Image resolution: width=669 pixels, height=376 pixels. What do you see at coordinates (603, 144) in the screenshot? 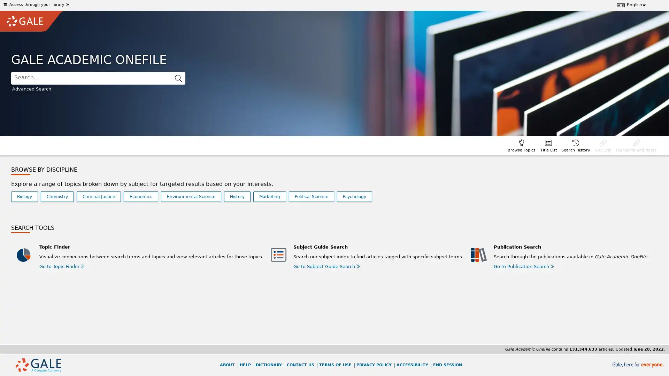
I see `Get Link` at bounding box center [603, 144].